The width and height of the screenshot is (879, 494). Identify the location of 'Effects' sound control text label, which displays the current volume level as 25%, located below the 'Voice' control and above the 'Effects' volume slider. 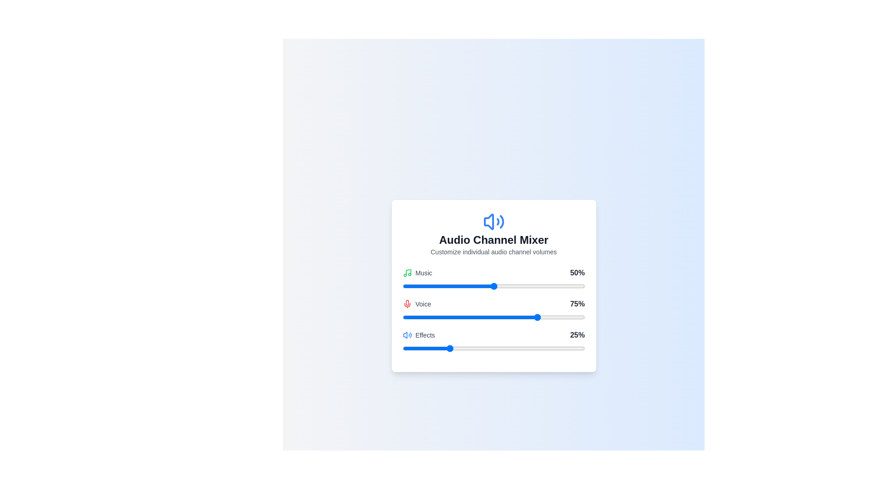
(493, 335).